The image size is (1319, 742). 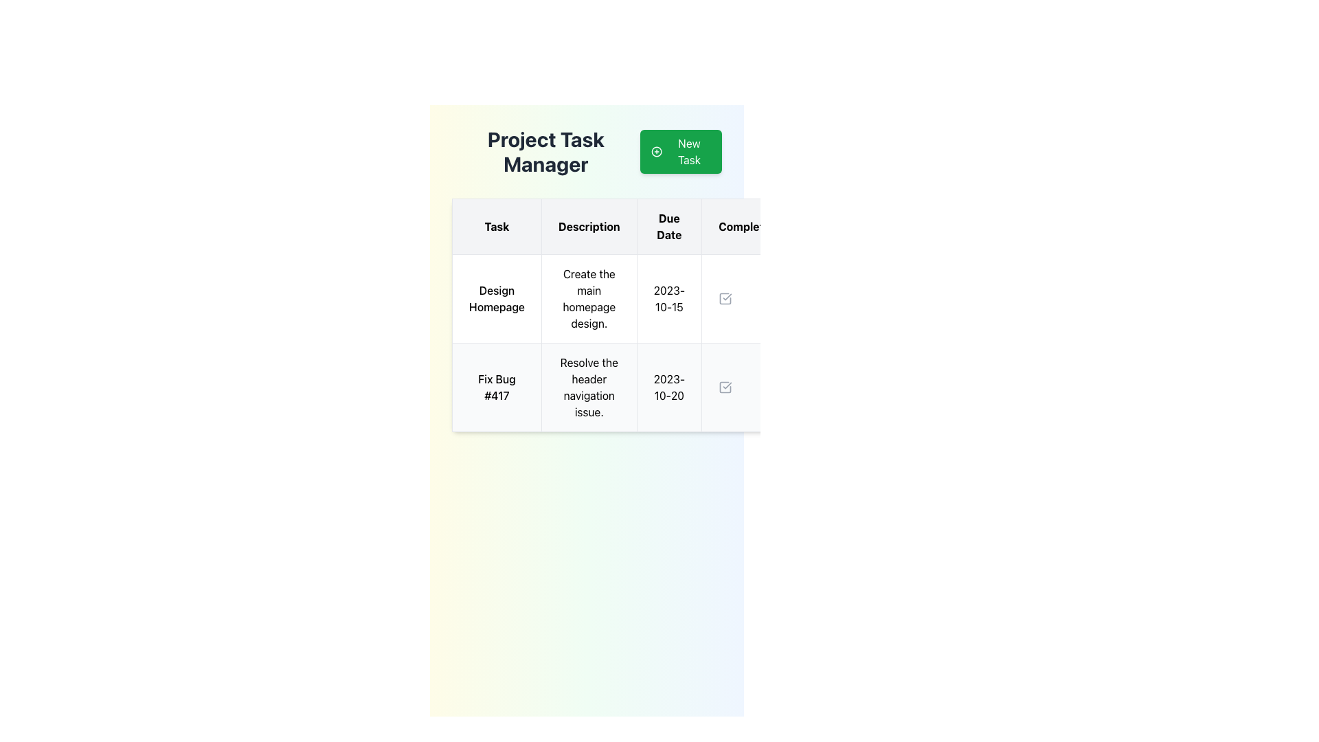 What do you see at coordinates (655, 151) in the screenshot?
I see `the plus icon within the green rectangular 'New Task' button located at the top-right corner of the interface` at bounding box center [655, 151].